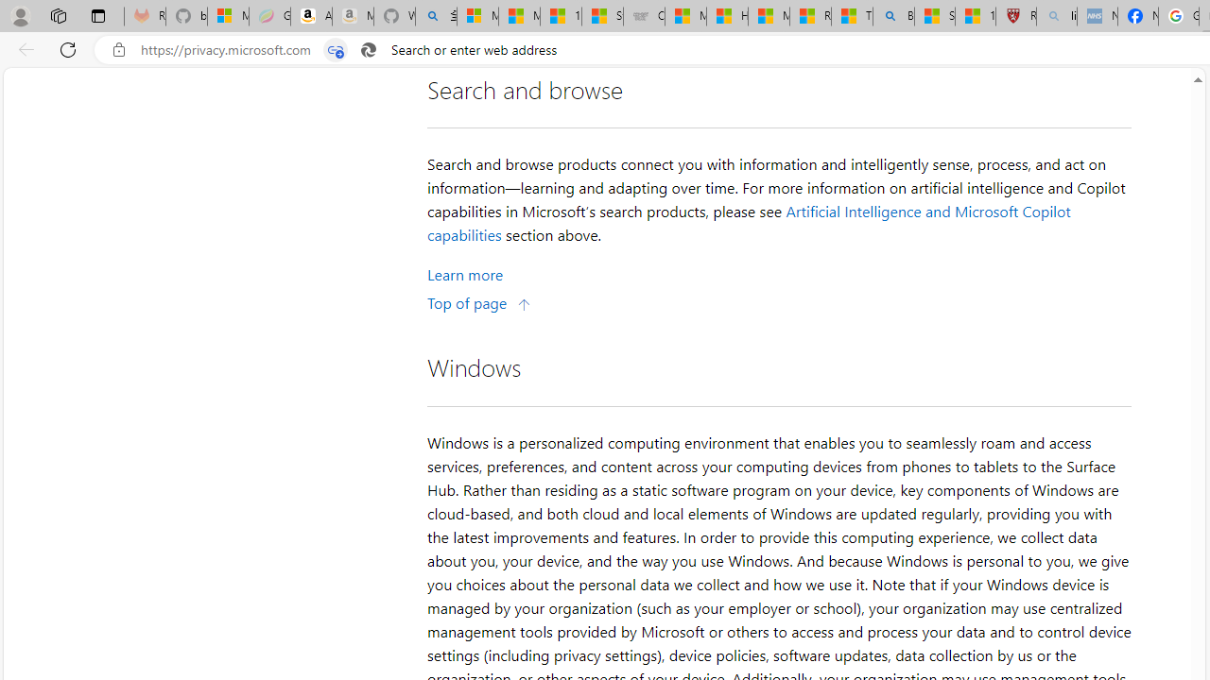 The height and width of the screenshot is (680, 1210). What do you see at coordinates (465, 274) in the screenshot?
I see `'Learn More about Search and browse'` at bounding box center [465, 274].